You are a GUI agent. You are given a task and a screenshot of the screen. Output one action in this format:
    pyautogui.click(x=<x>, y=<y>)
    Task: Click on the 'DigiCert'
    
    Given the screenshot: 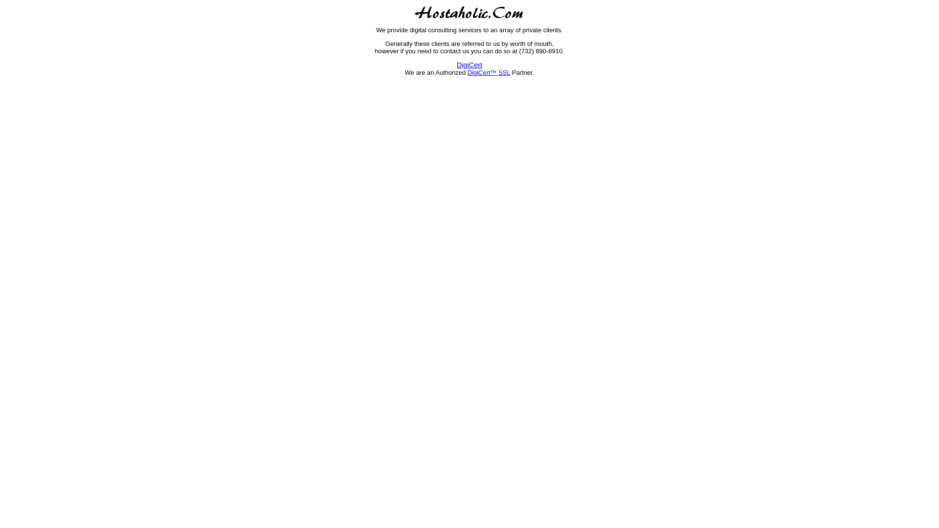 What is the action you would take?
    pyautogui.click(x=469, y=65)
    